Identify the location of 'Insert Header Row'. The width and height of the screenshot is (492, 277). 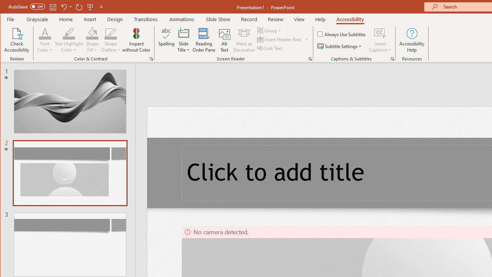
(283, 39).